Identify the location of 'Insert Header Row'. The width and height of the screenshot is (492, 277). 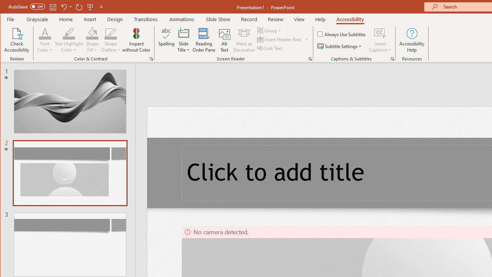
(283, 39).